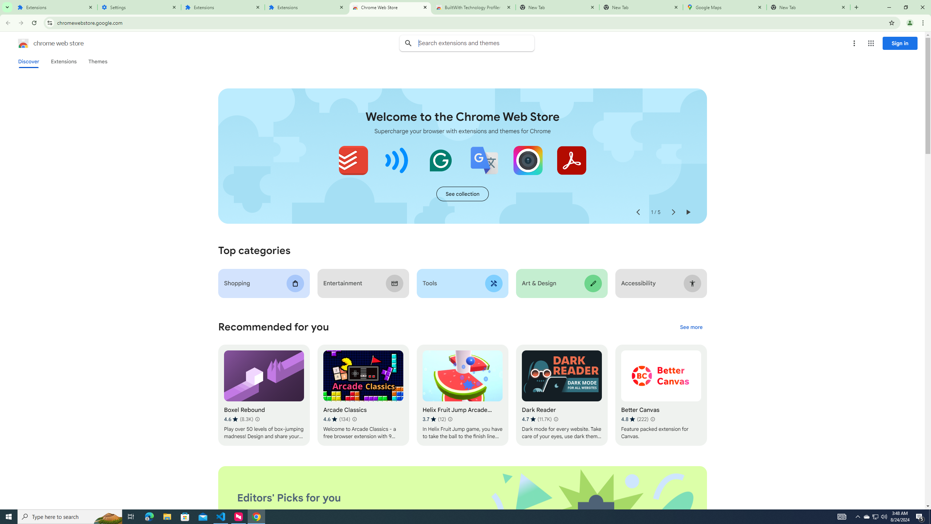 The height and width of the screenshot is (524, 931). What do you see at coordinates (673, 212) in the screenshot?
I see `'Next slide'` at bounding box center [673, 212].